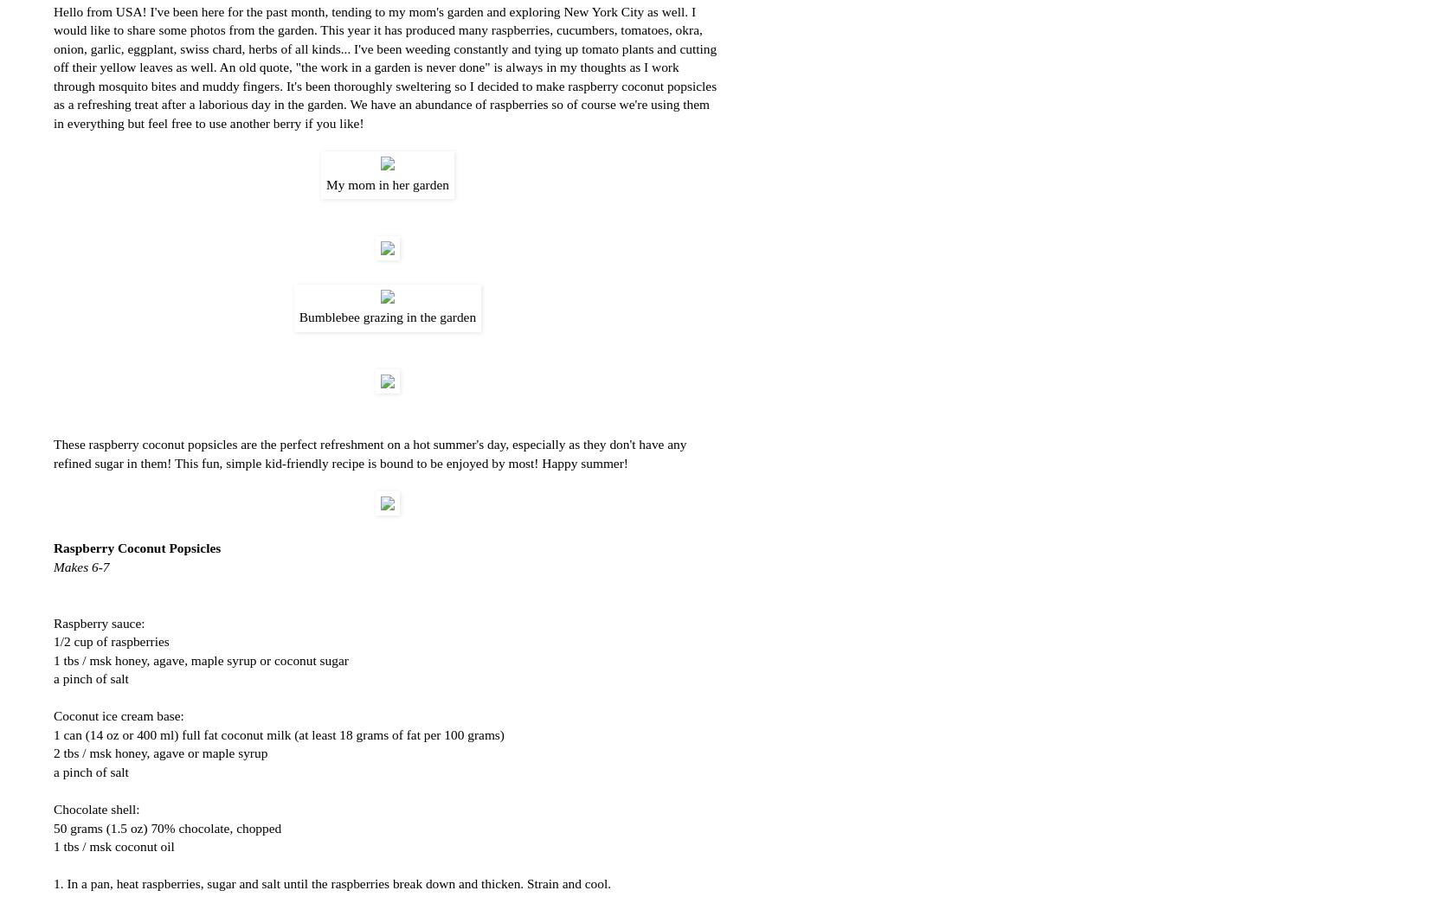 This screenshot has width=1435, height=916. I want to click on 'Chocolate shell:', so click(95, 809).